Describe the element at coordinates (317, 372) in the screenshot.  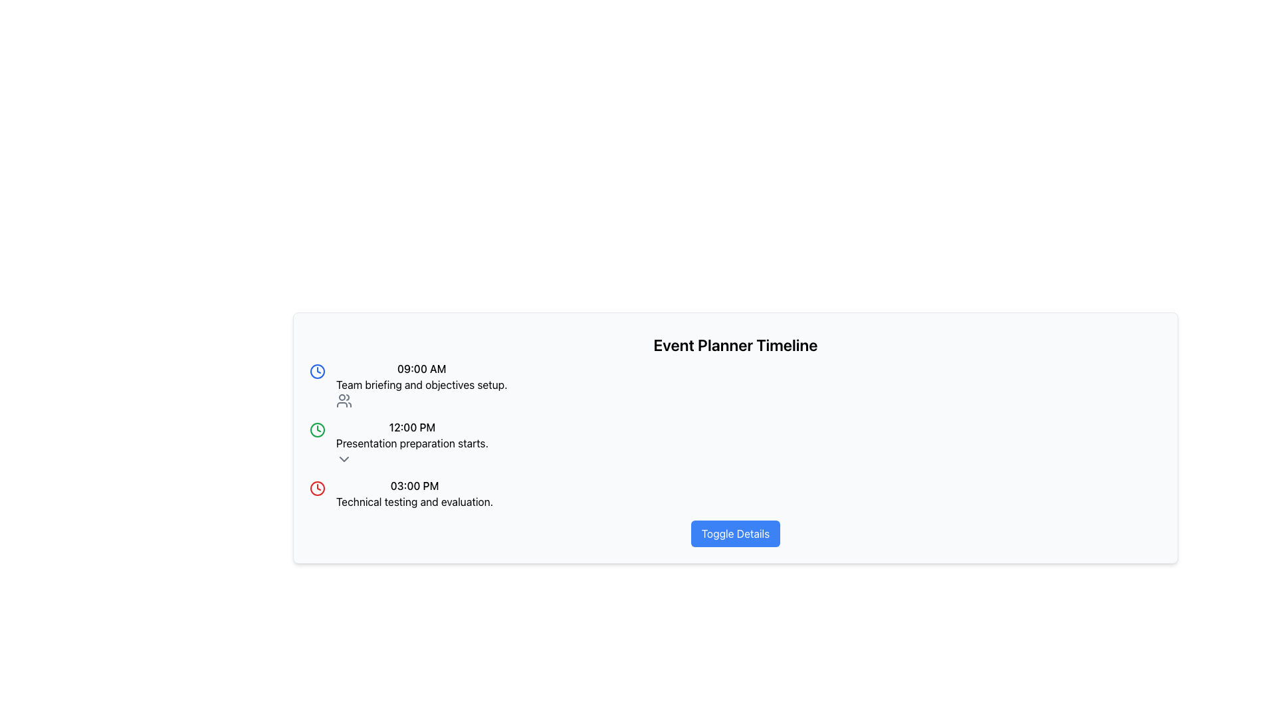
I see `the clock icon located at the top-left corner of the '09:00 AM Team briefing and objectives setup.' event description` at that location.